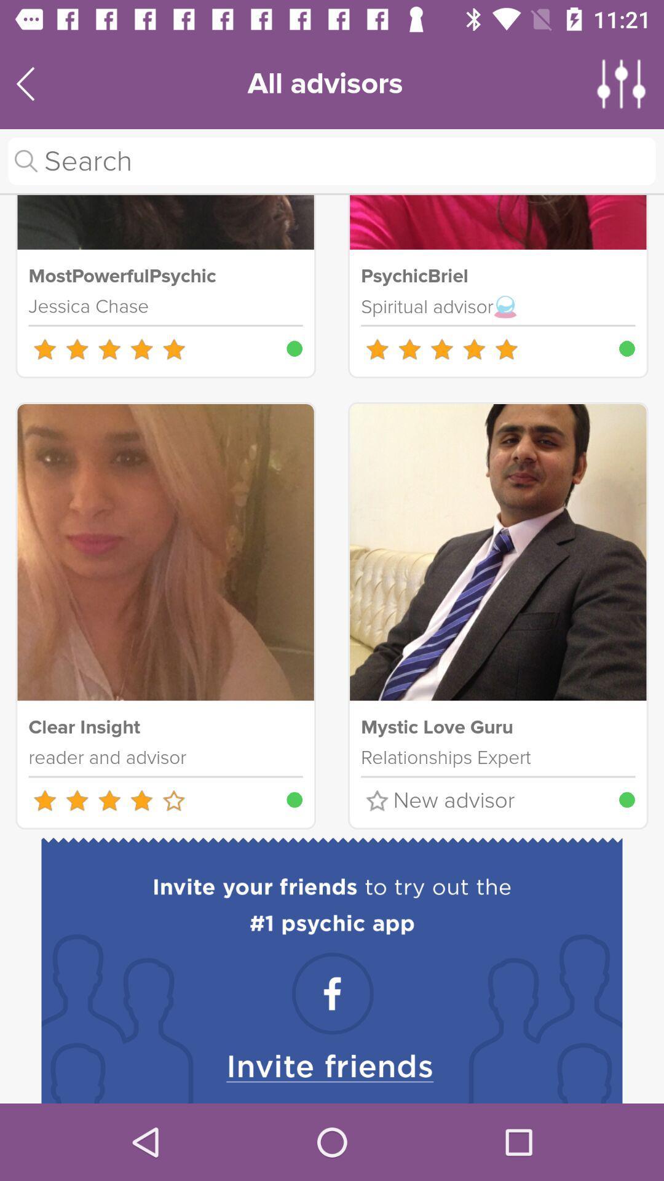  Describe the element at coordinates (332, 161) in the screenshot. I see `search` at that location.